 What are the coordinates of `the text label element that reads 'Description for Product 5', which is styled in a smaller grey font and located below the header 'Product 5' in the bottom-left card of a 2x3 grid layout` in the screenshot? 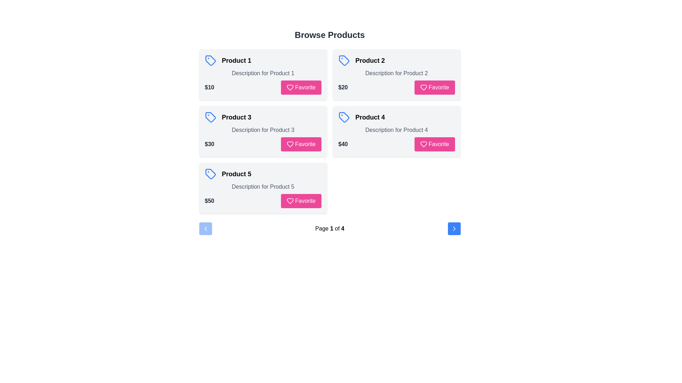 It's located at (262, 187).